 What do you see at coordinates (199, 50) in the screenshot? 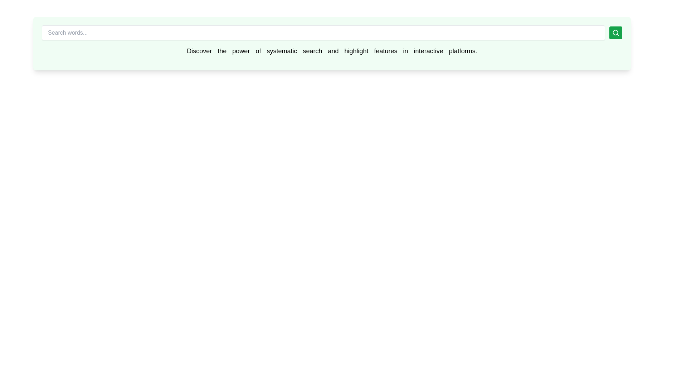
I see `the first text link positioned at the top of the page, which serves as an interactive link or button` at bounding box center [199, 50].